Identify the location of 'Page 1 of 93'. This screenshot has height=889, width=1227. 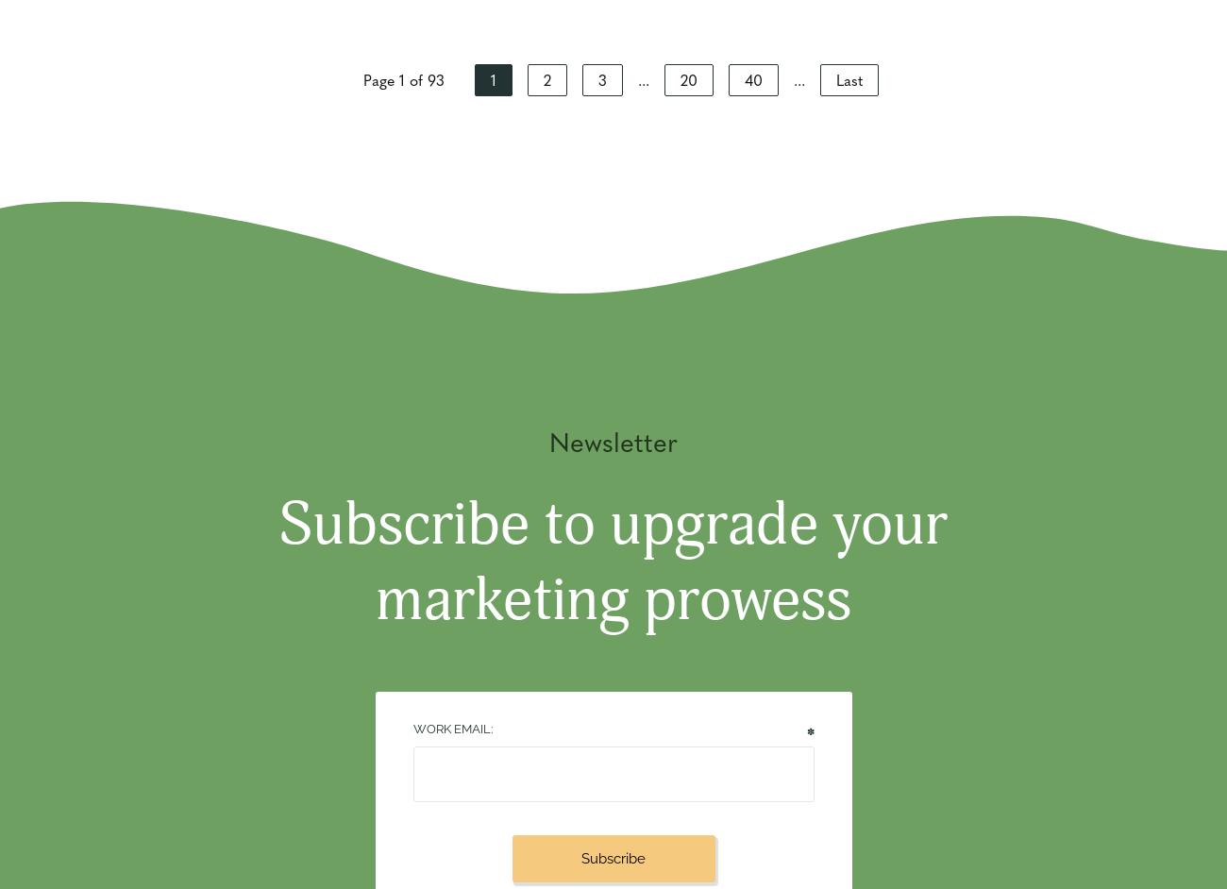
(363, 78).